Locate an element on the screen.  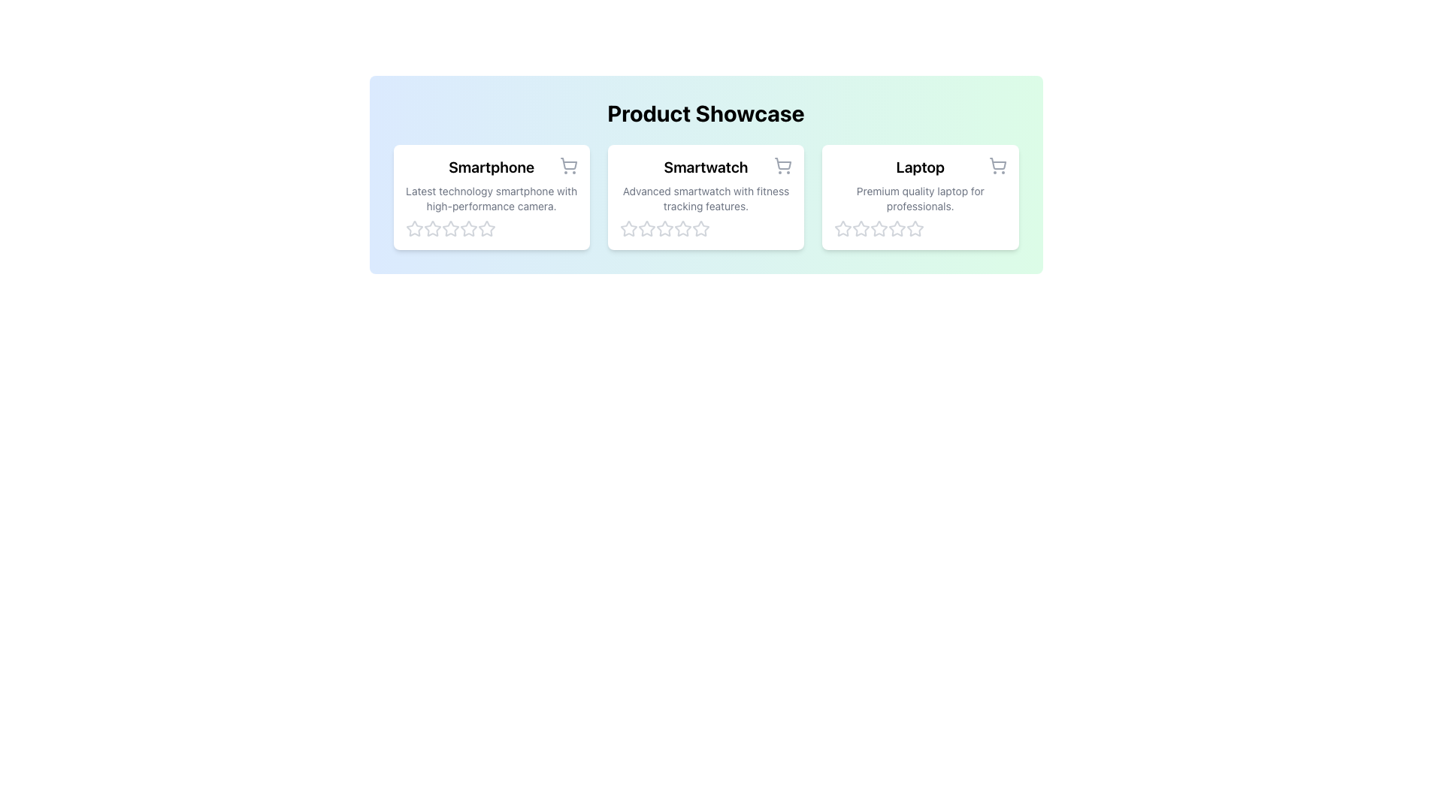
the fourth star icon in the rating system below the 'Smartwatch' product description is located at coordinates (682, 228).